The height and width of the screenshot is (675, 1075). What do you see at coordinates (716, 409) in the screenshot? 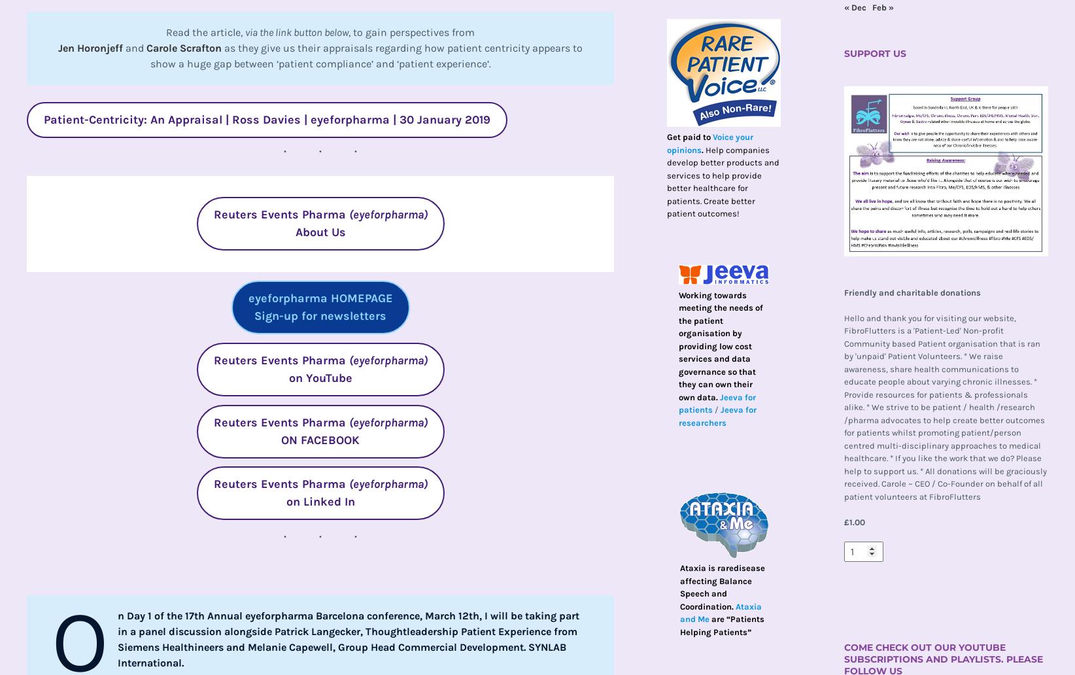
I see `'/'` at bounding box center [716, 409].